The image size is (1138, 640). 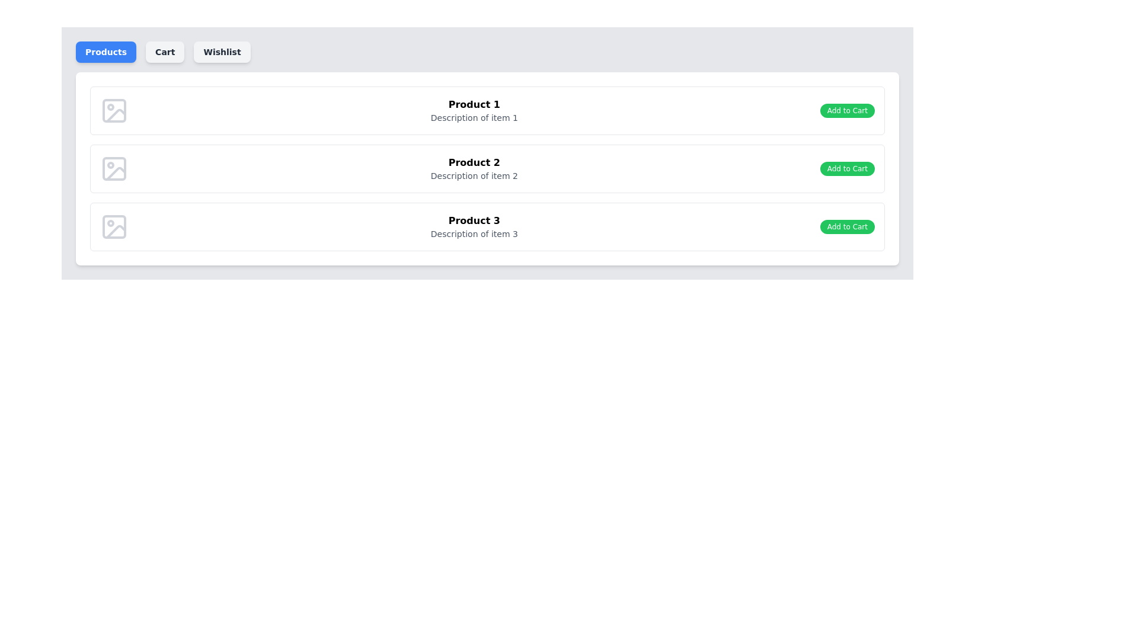 What do you see at coordinates (487, 169) in the screenshot?
I see `the second product card in the product list interface` at bounding box center [487, 169].